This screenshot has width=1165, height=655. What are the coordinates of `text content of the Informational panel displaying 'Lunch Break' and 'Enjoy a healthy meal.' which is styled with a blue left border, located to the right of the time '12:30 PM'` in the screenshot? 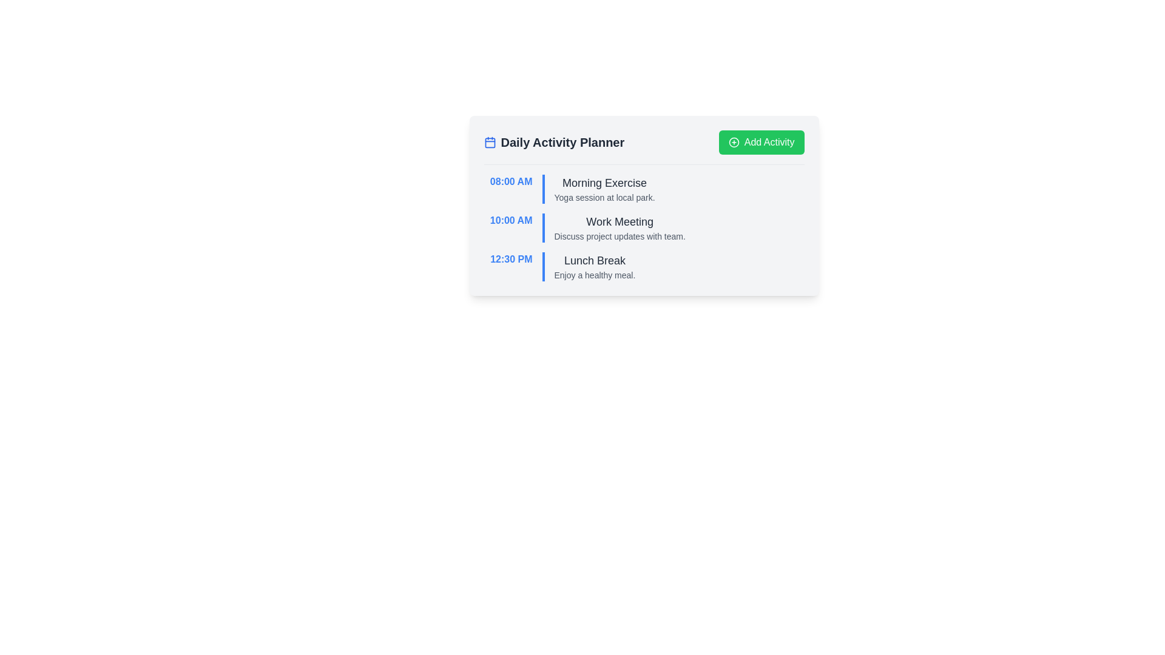 It's located at (589, 266).